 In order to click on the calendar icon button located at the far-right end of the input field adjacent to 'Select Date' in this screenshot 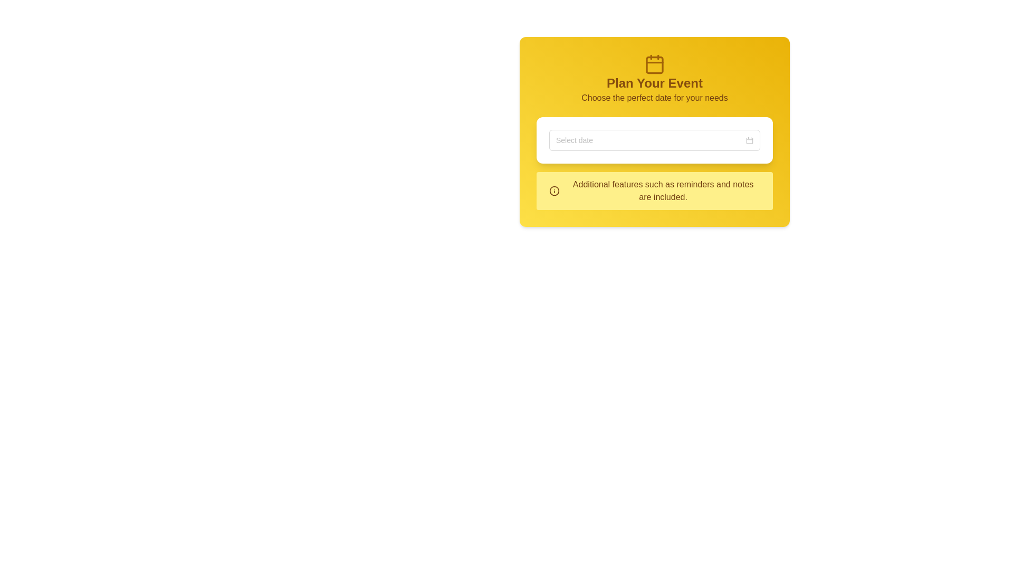, I will do `click(749, 140)`.